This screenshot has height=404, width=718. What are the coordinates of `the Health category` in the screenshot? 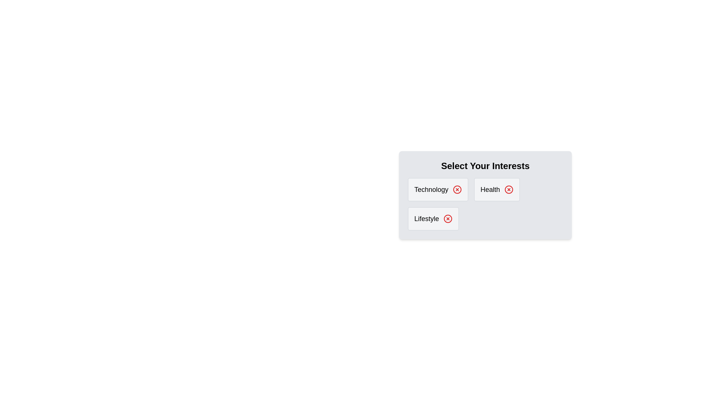 It's located at (497, 189).